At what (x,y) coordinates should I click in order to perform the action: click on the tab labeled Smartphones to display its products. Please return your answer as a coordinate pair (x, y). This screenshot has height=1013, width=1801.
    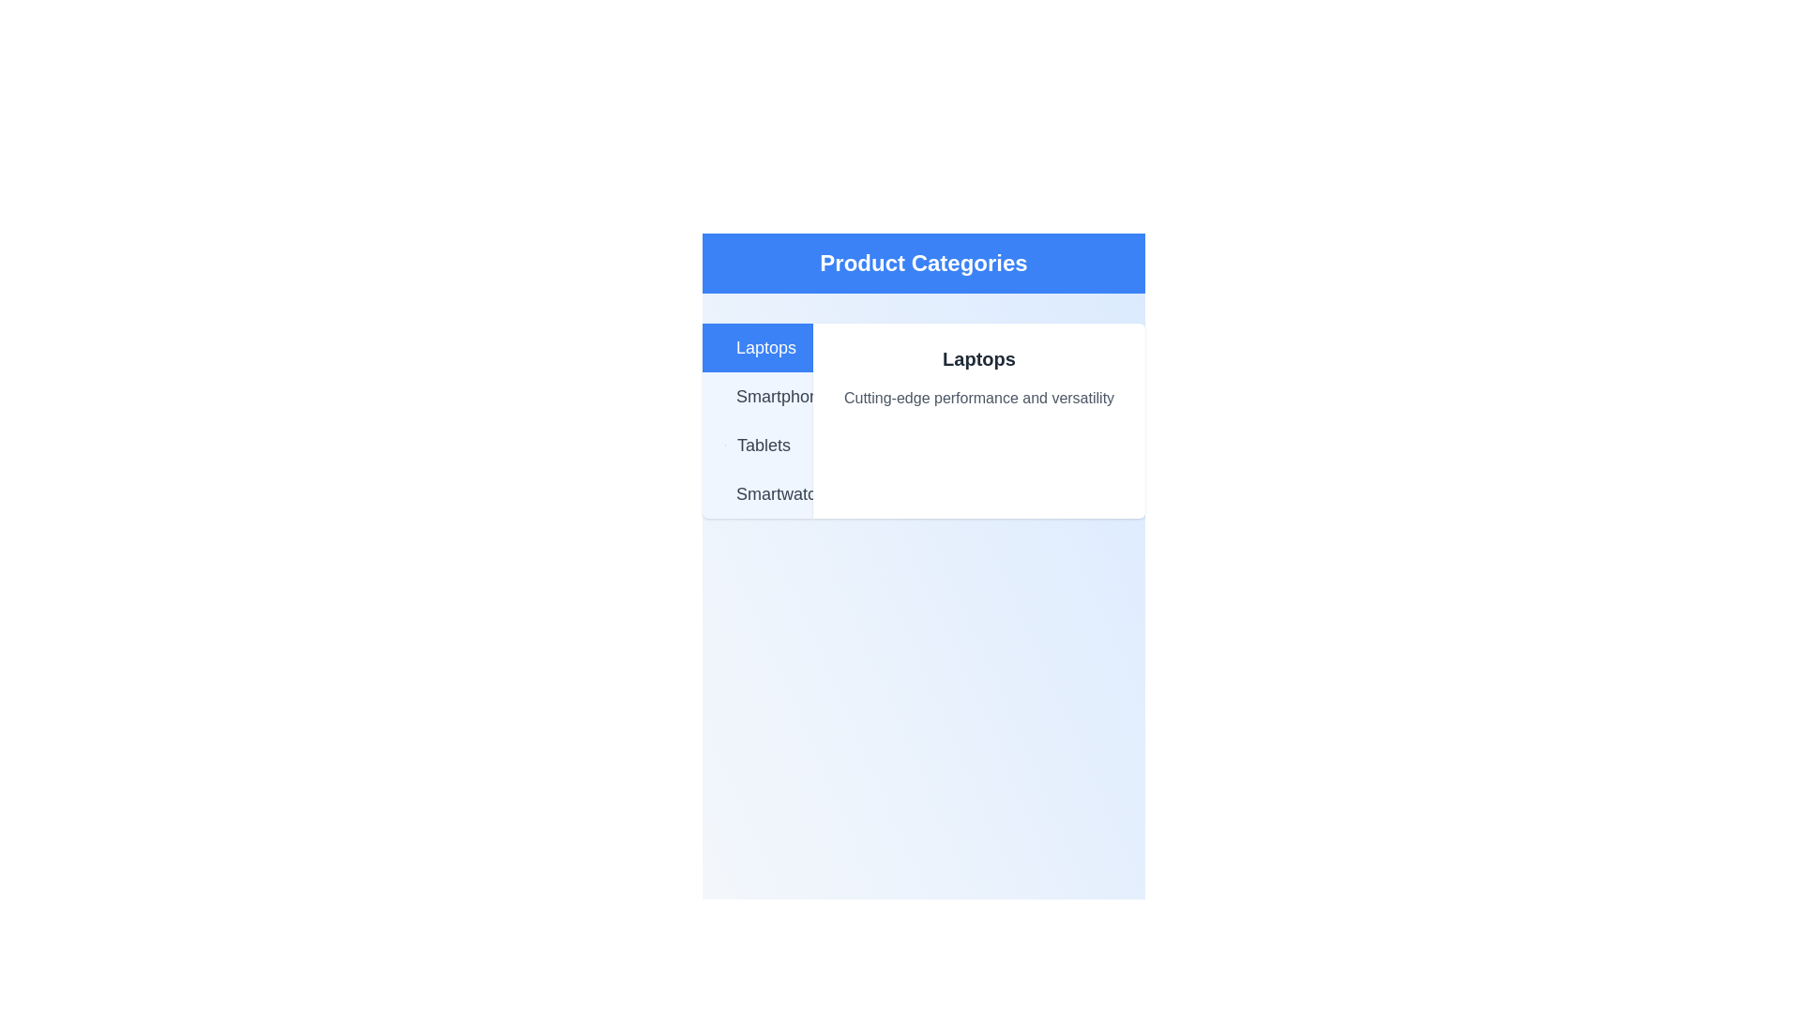
    Looking at the image, I should click on (757, 396).